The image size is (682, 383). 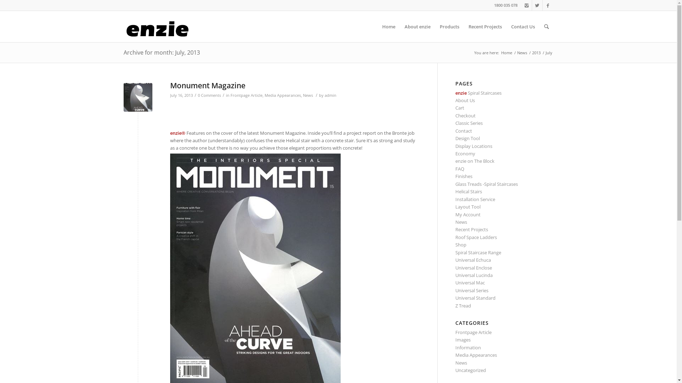 What do you see at coordinates (230, 95) in the screenshot?
I see `'Frontpage Article'` at bounding box center [230, 95].